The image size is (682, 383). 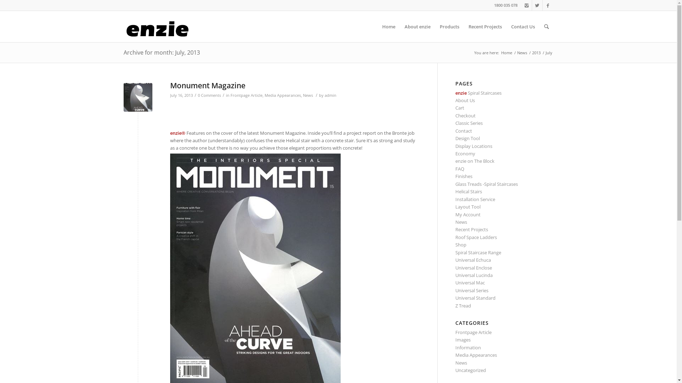 What do you see at coordinates (230, 95) in the screenshot?
I see `'Frontpage Article'` at bounding box center [230, 95].